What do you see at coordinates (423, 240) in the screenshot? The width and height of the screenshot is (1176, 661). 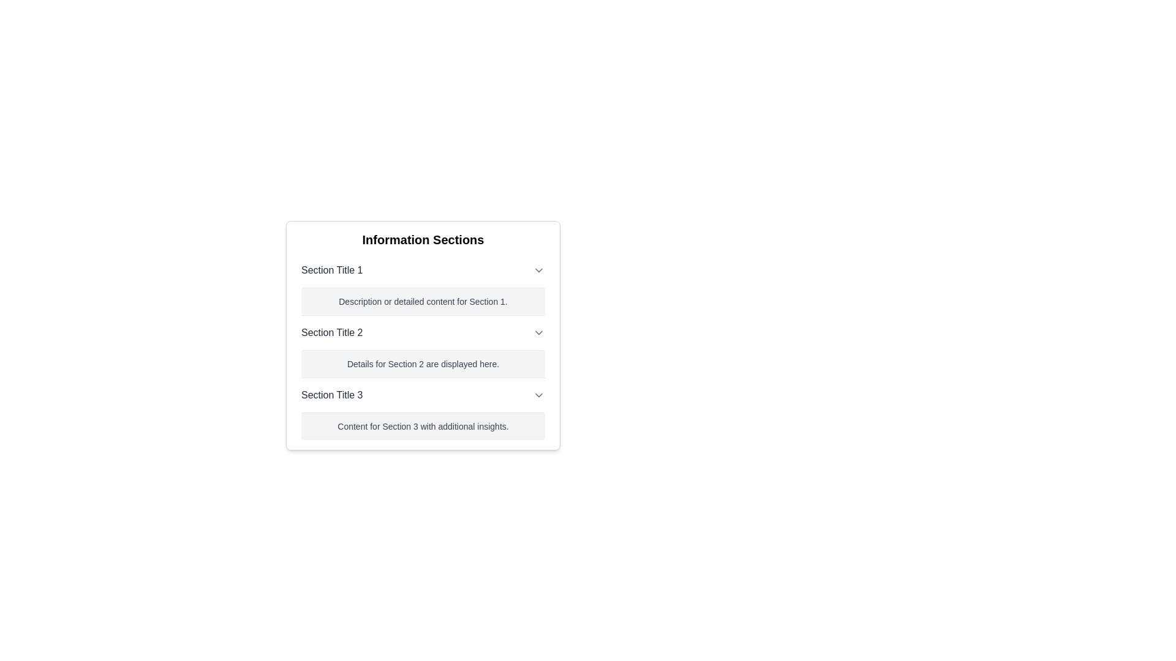 I see `text heading that says 'Information Sections', which is styled in bold font and located at the top-center of the layout` at bounding box center [423, 240].